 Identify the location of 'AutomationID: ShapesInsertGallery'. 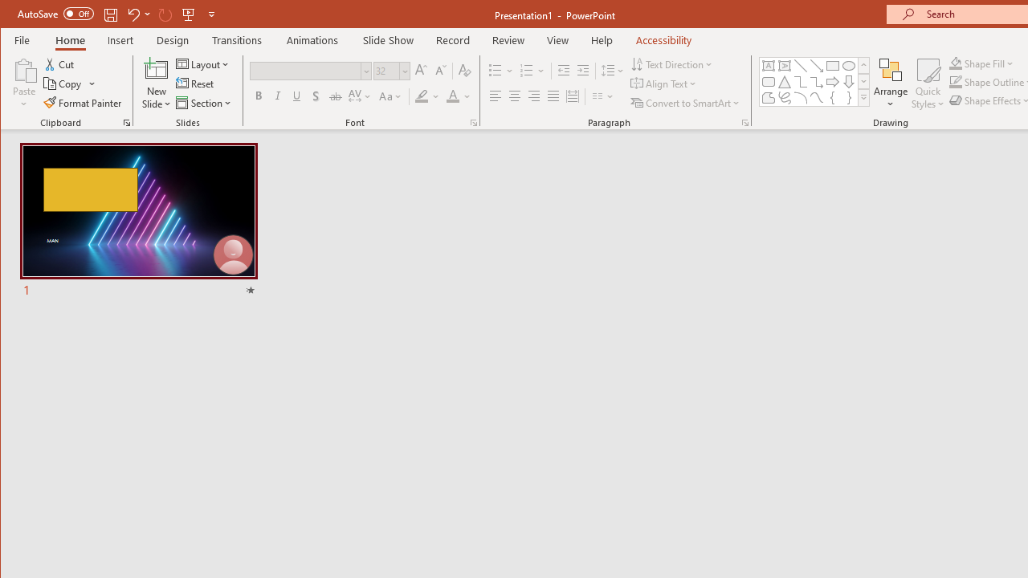
(815, 82).